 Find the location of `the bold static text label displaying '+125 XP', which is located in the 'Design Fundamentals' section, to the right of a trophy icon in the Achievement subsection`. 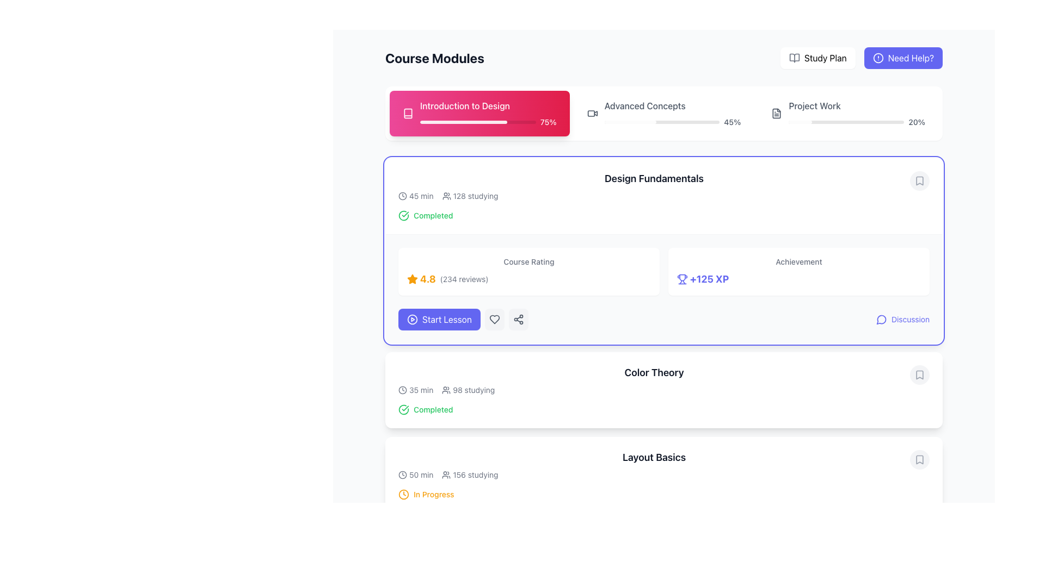

the bold static text label displaying '+125 XP', which is located in the 'Design Fundamentals' section, to the right of a trophy icon in the Achievement subsection is located at coordinates (709, 278).